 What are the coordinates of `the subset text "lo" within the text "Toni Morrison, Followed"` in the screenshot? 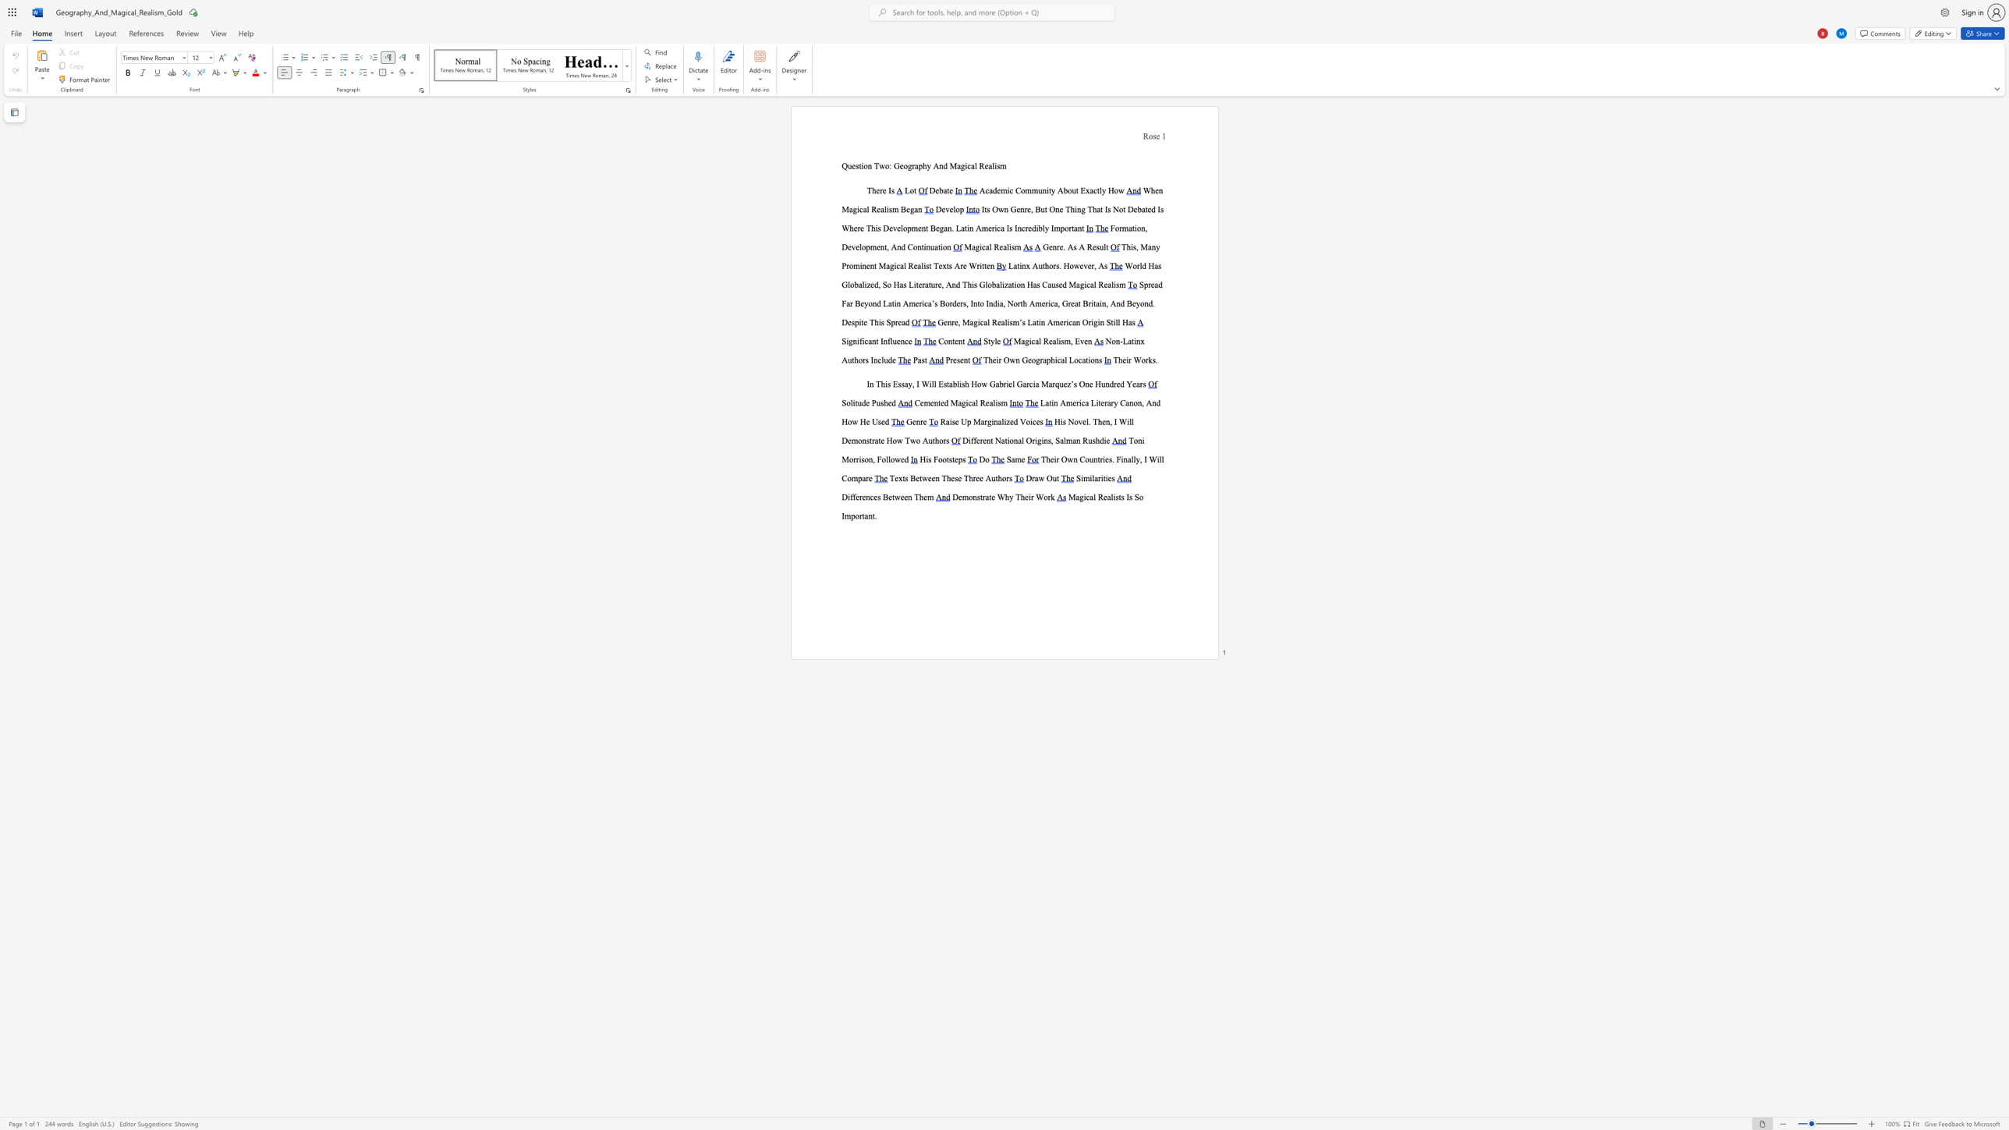 It's located at (888, 459).